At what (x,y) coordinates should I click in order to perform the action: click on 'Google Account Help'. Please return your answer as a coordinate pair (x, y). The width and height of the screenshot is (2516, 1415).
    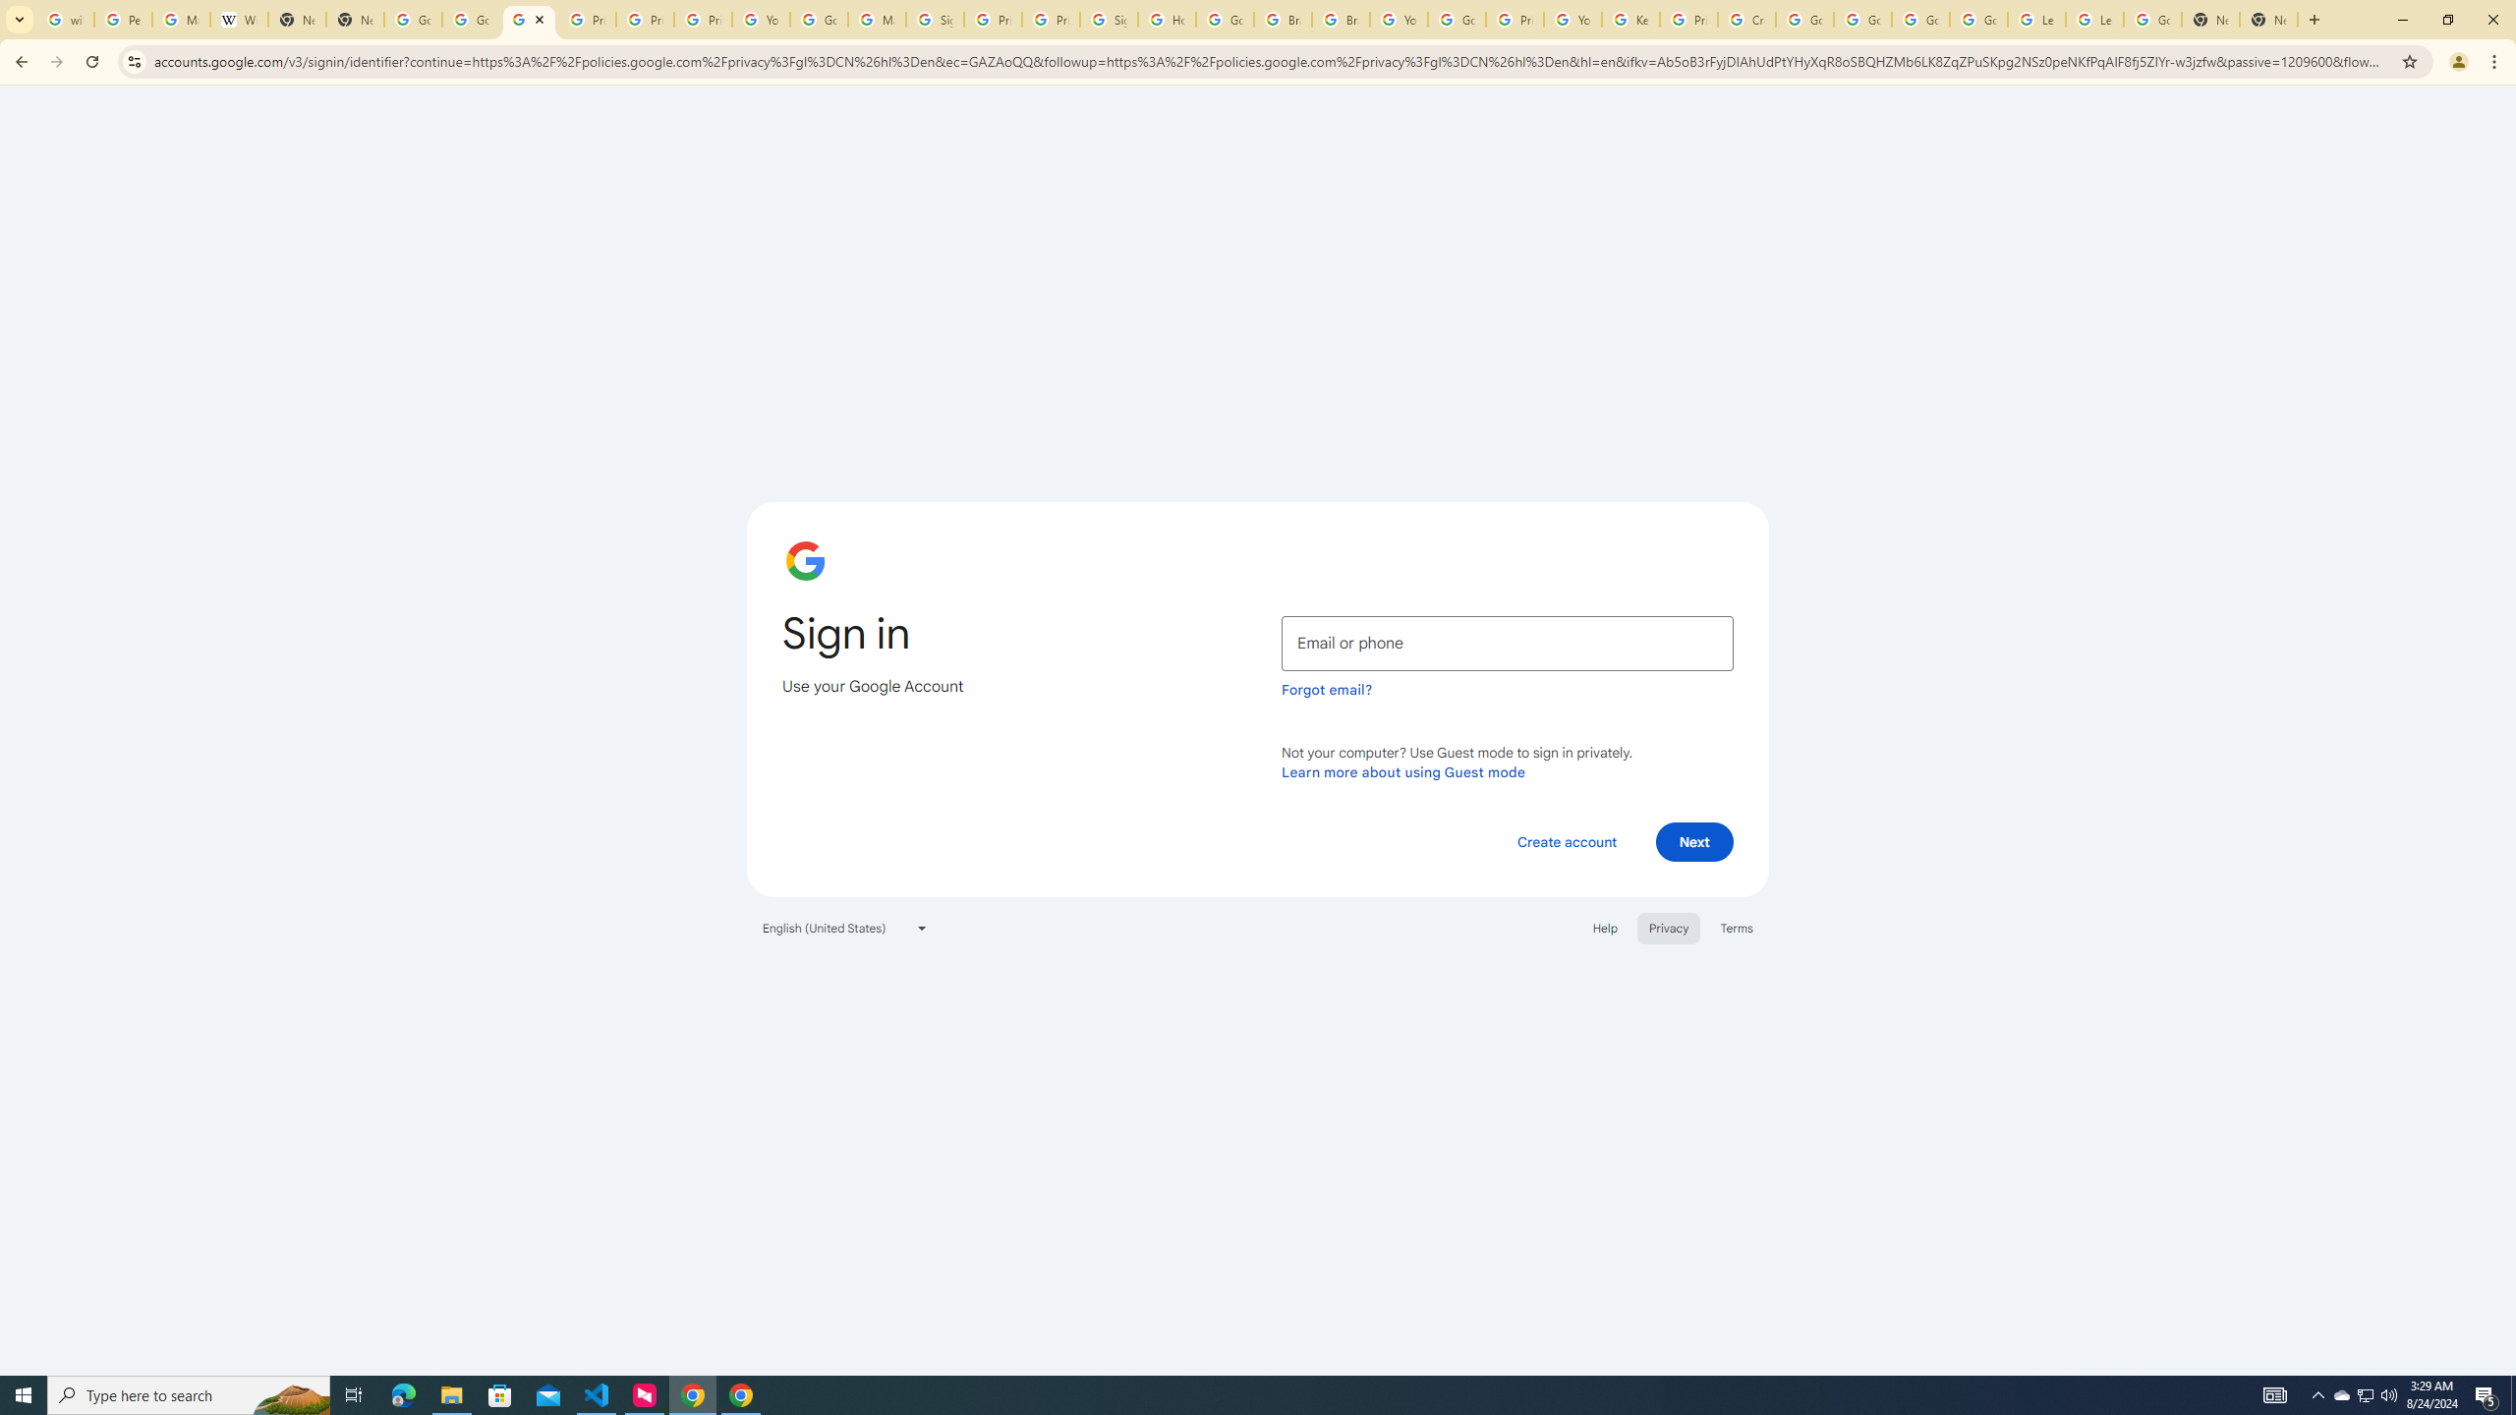
    Looking at the image, I should click on (1860, 19).